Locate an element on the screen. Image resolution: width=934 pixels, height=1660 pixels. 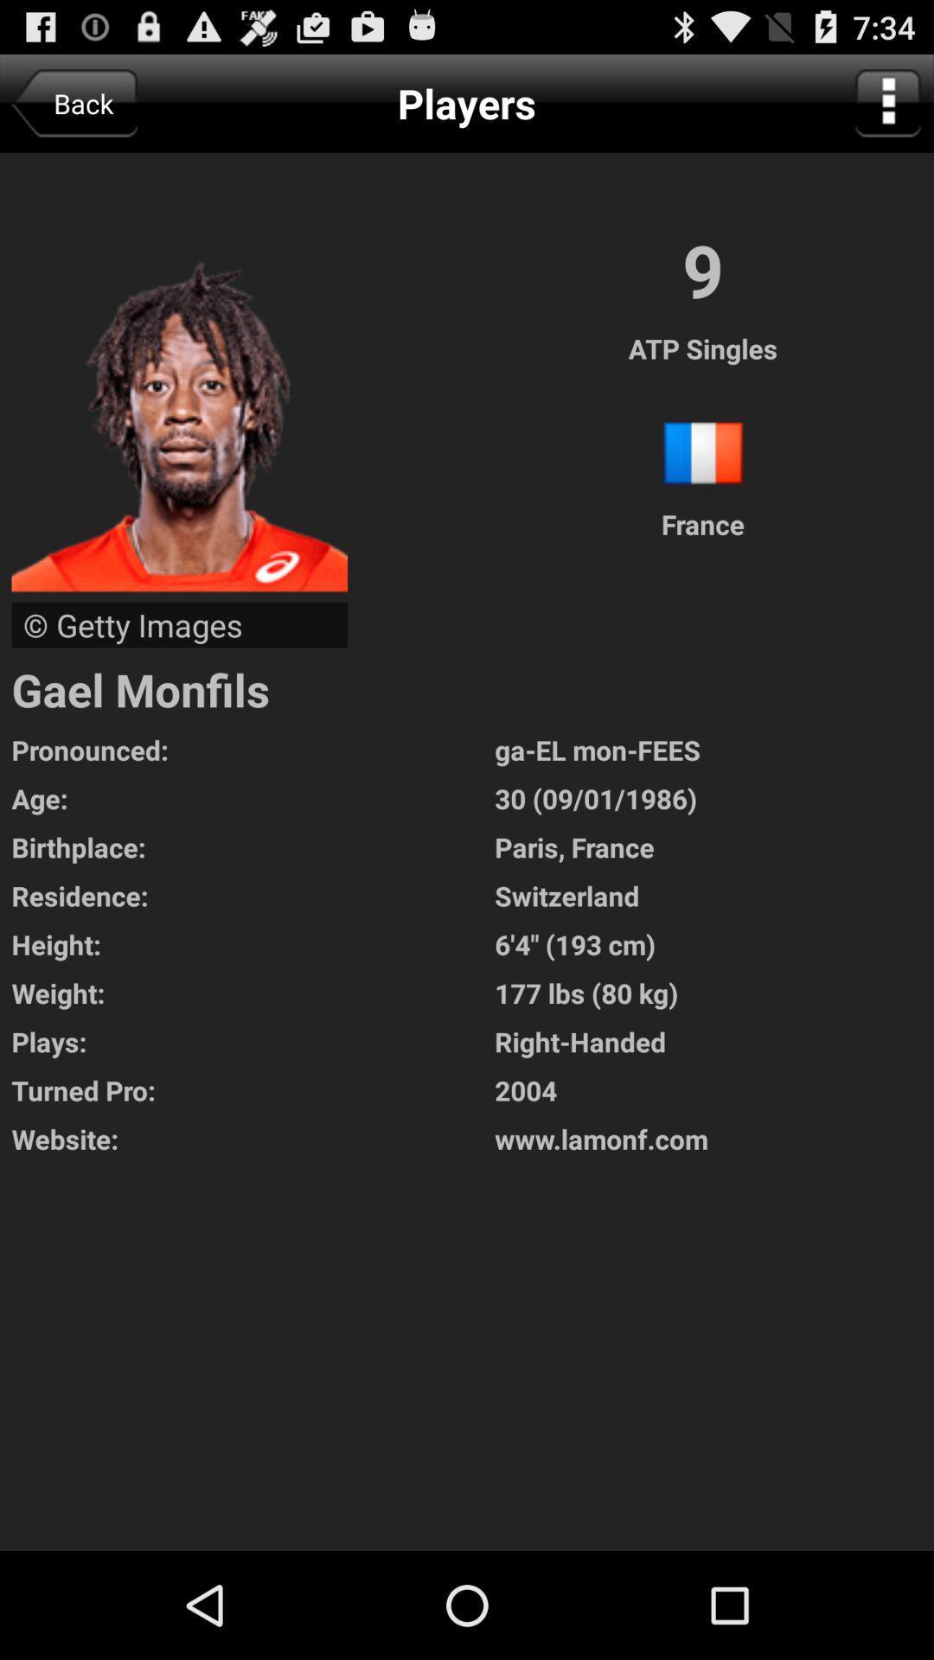
app to the left of the players is located at coordinates (74, 102).